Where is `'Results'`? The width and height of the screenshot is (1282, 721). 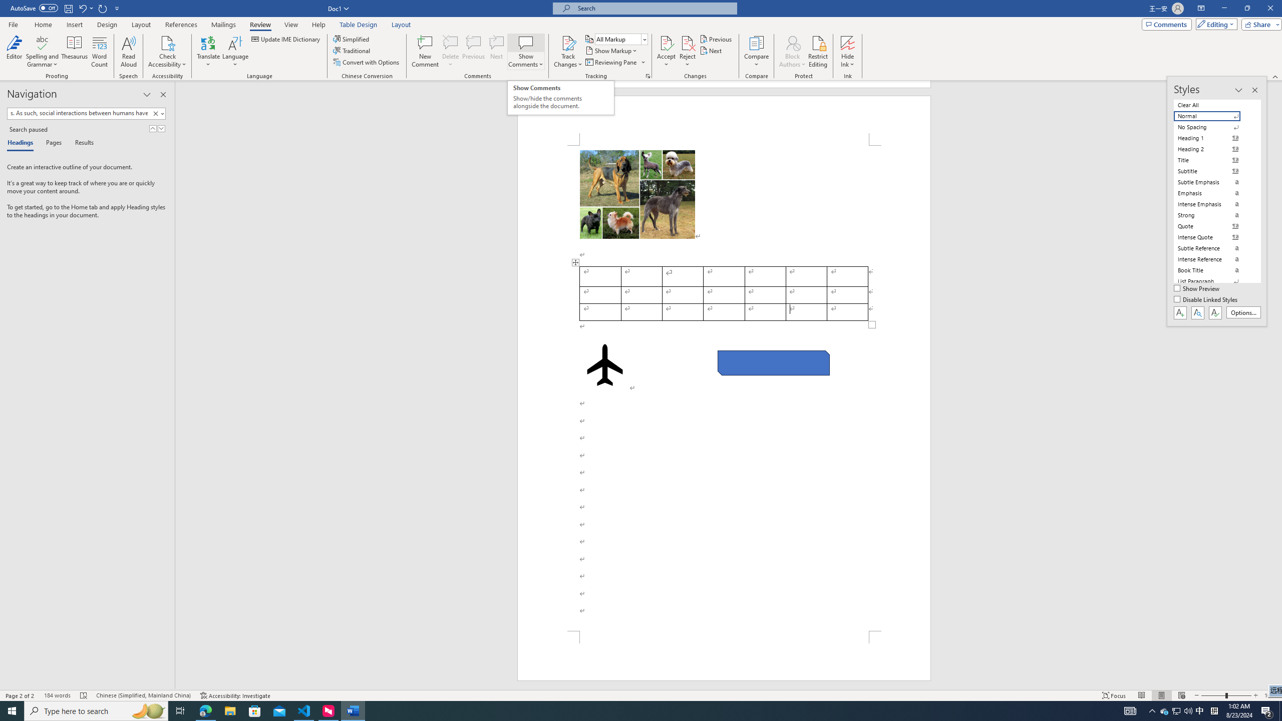
'Results' is located at coordinates (80, 143).